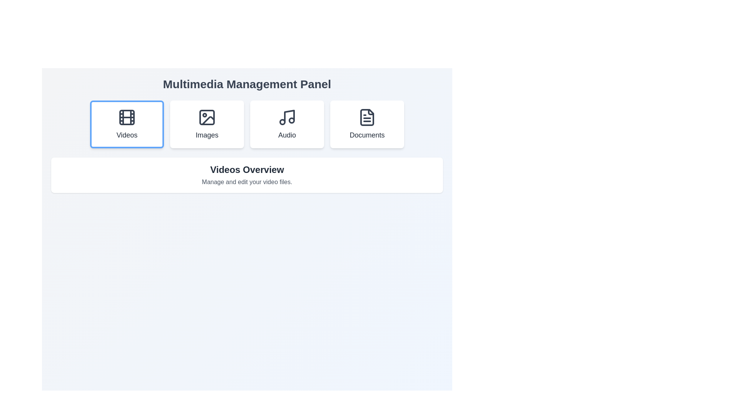  I want to click on the icon at the top part of the 'Videos' card, which is located in the first card on the left in the grid layout, to interact with the associated functionality, so click(127, 117).